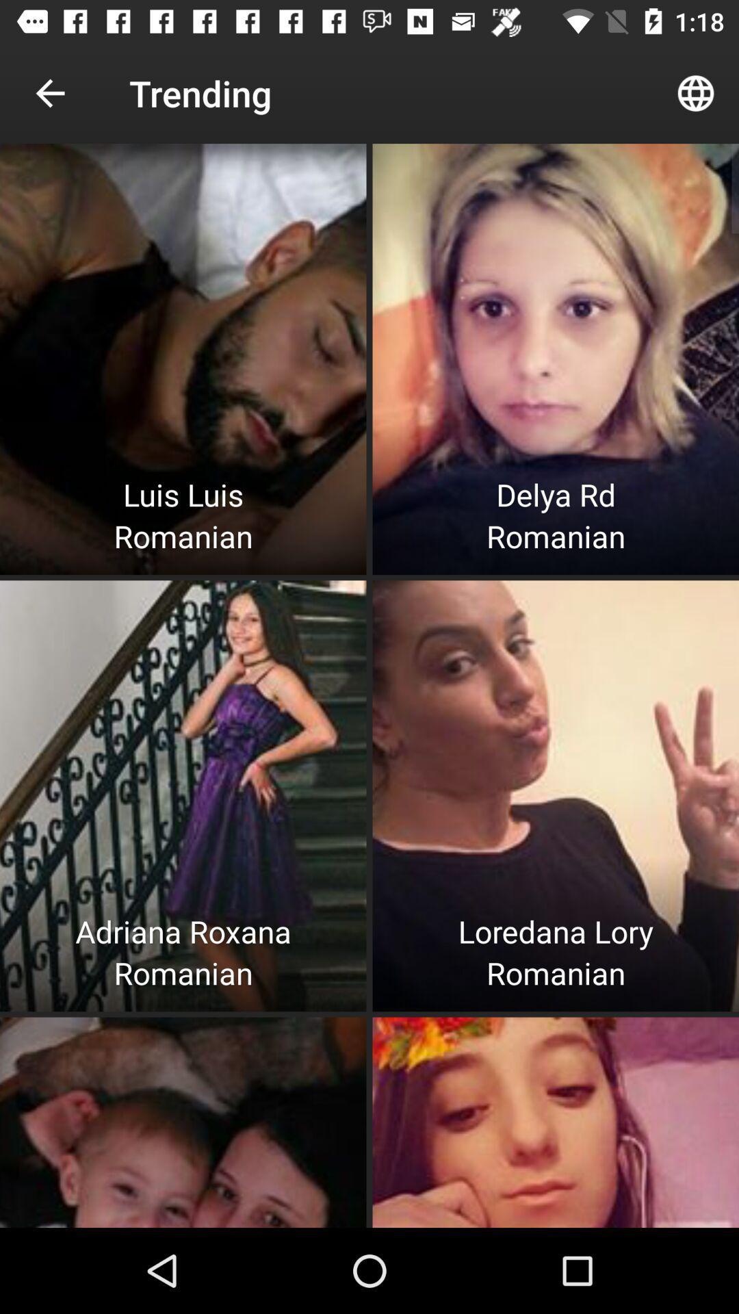 Image resolution: width=739 pixels, height=1314 pixels. I want to click on icon next to trending item, so click(49, 92).